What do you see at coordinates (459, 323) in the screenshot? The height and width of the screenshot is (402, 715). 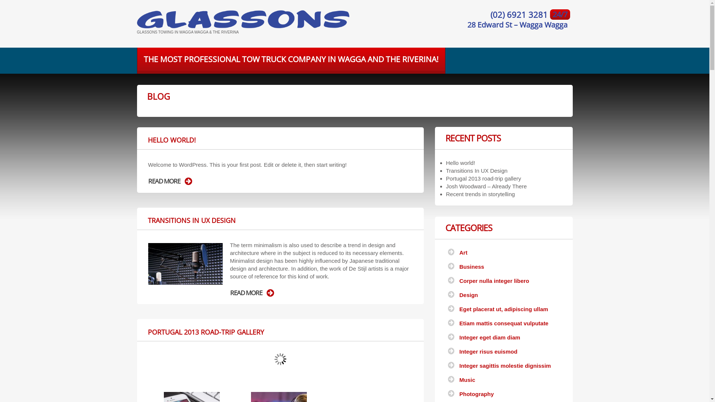 I see `'Etiam mattis consequat vulputate'` at bounding box center [459, 323].